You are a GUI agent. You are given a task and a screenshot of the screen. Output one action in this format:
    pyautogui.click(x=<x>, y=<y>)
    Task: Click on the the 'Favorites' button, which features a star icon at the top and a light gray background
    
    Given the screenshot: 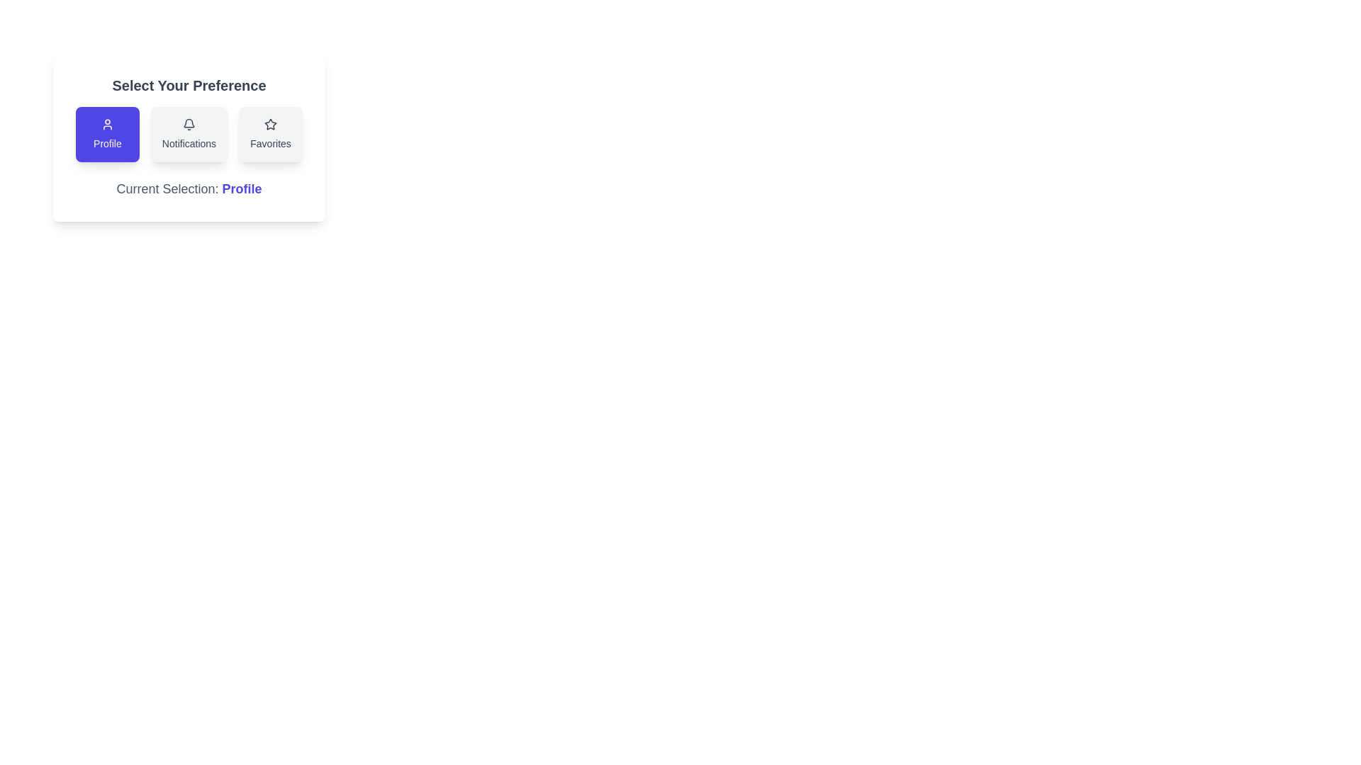 What is the action you would take?
    pyautogui.click(x=271, y=134)
    